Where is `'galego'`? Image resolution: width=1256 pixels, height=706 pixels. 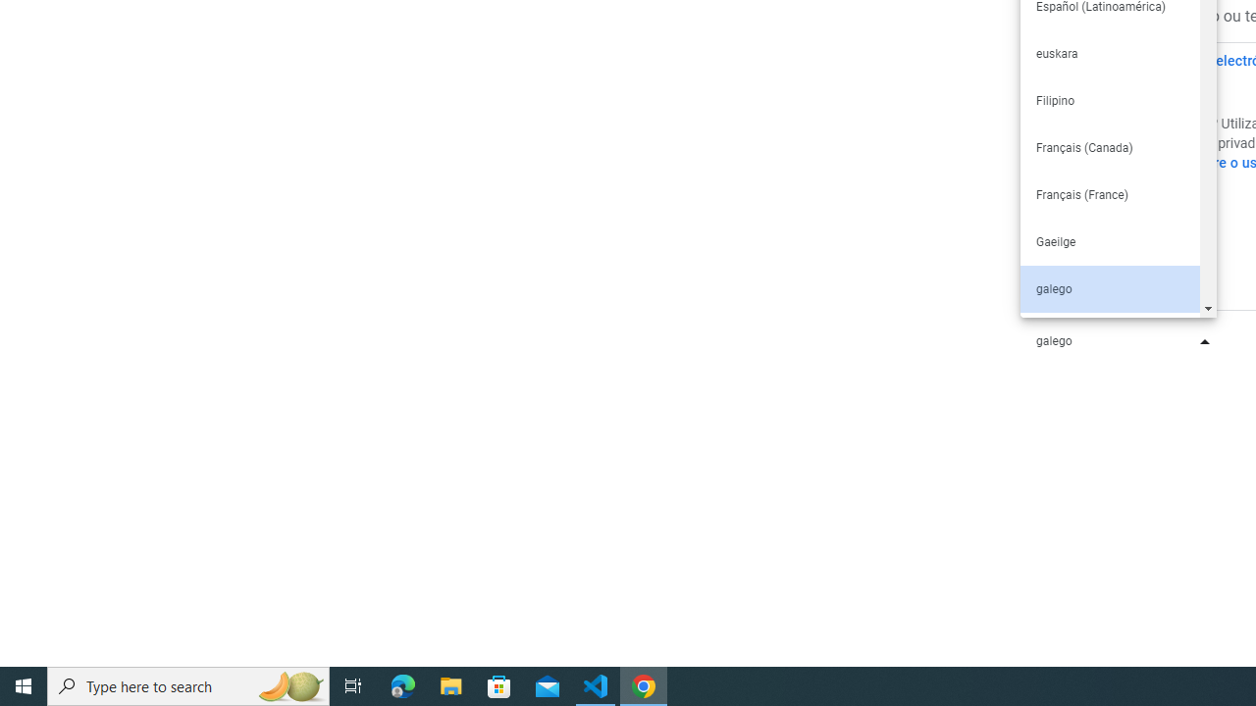 'galego' is located at coordinates (1109, 288).